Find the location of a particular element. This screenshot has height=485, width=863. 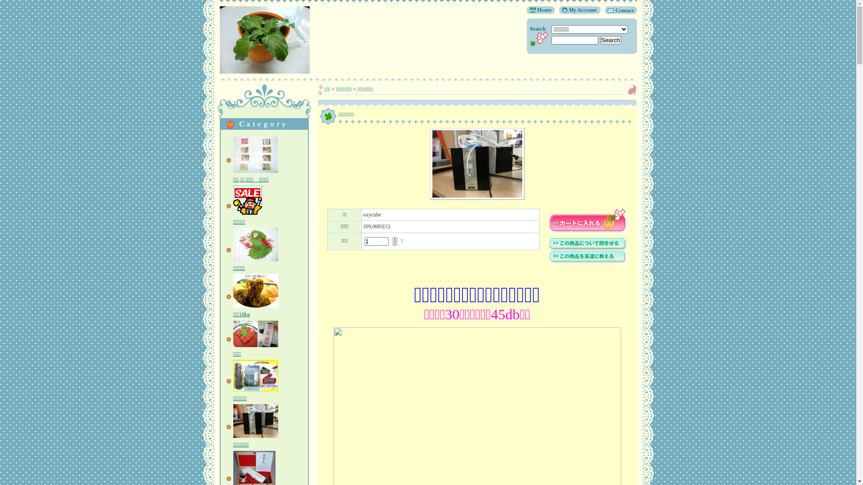

'Home' is located at coordinates (540, 12).